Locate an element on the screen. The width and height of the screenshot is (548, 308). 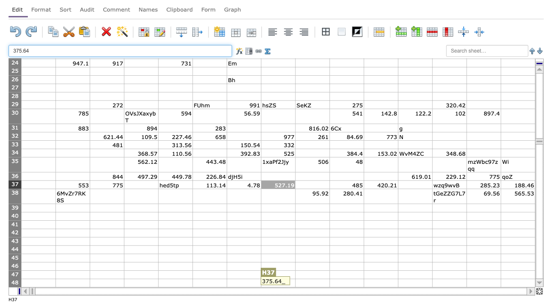
Left border of cell J-48 is located at coordinates (329, 283).